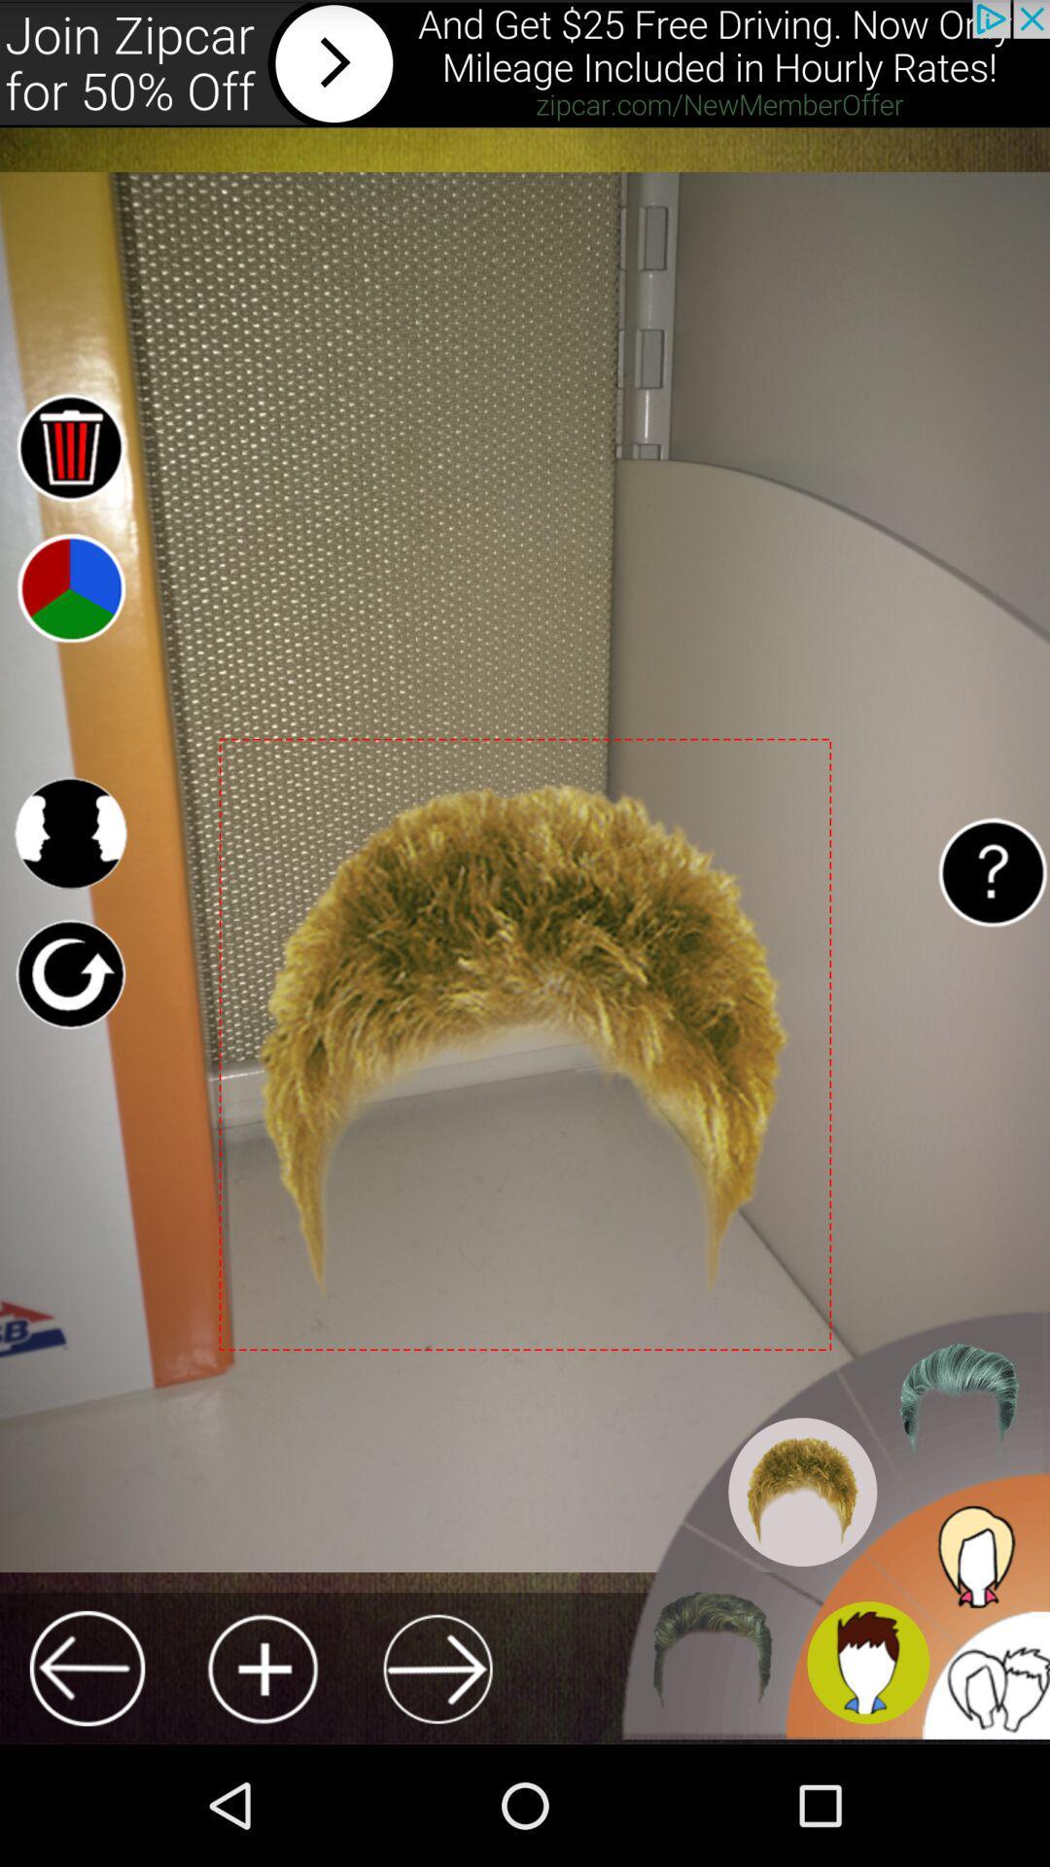  Describe the element at coordinates (437, 1668) in the screenshot. I see `go next` at that location.